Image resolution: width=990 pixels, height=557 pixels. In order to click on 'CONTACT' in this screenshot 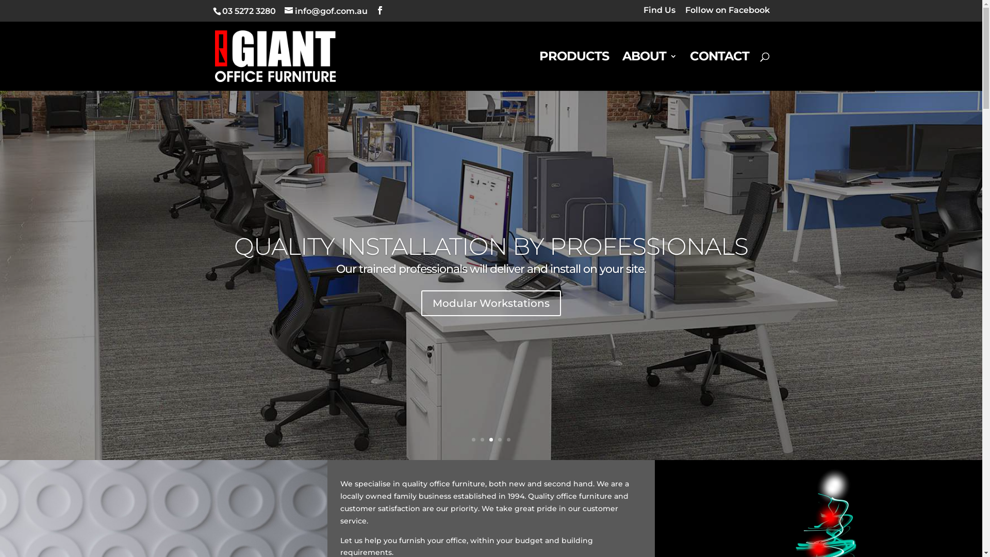, I will do `click(690, 71)`.